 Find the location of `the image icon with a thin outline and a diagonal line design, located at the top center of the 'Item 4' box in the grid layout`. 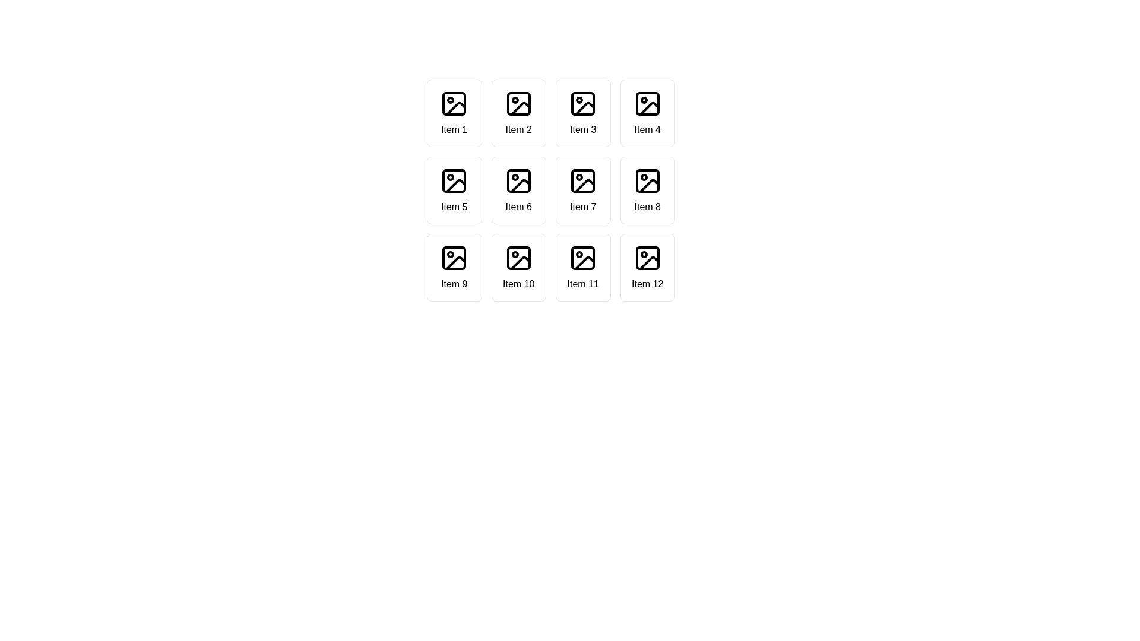

the image icon with a thin outline and a diagonal line design, located at the top center of the 'Item 4' box in the grid layout is located at coordinates (647, 103).